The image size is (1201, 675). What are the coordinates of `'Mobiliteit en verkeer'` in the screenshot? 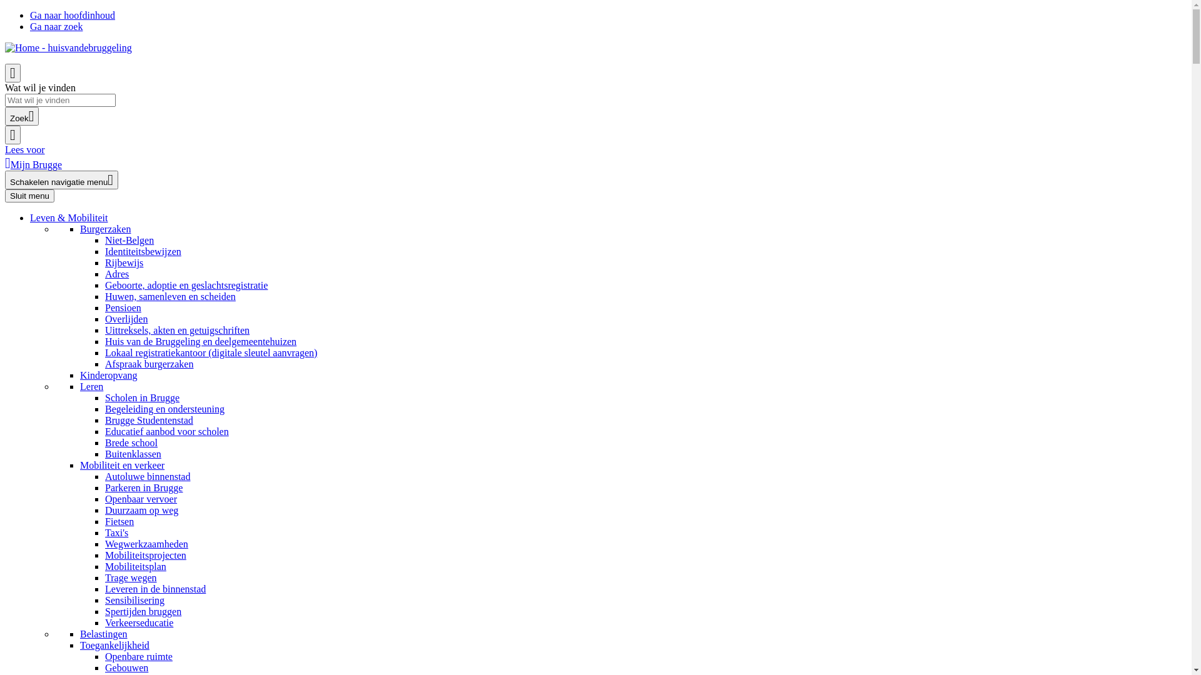 It's located at (122, 465).